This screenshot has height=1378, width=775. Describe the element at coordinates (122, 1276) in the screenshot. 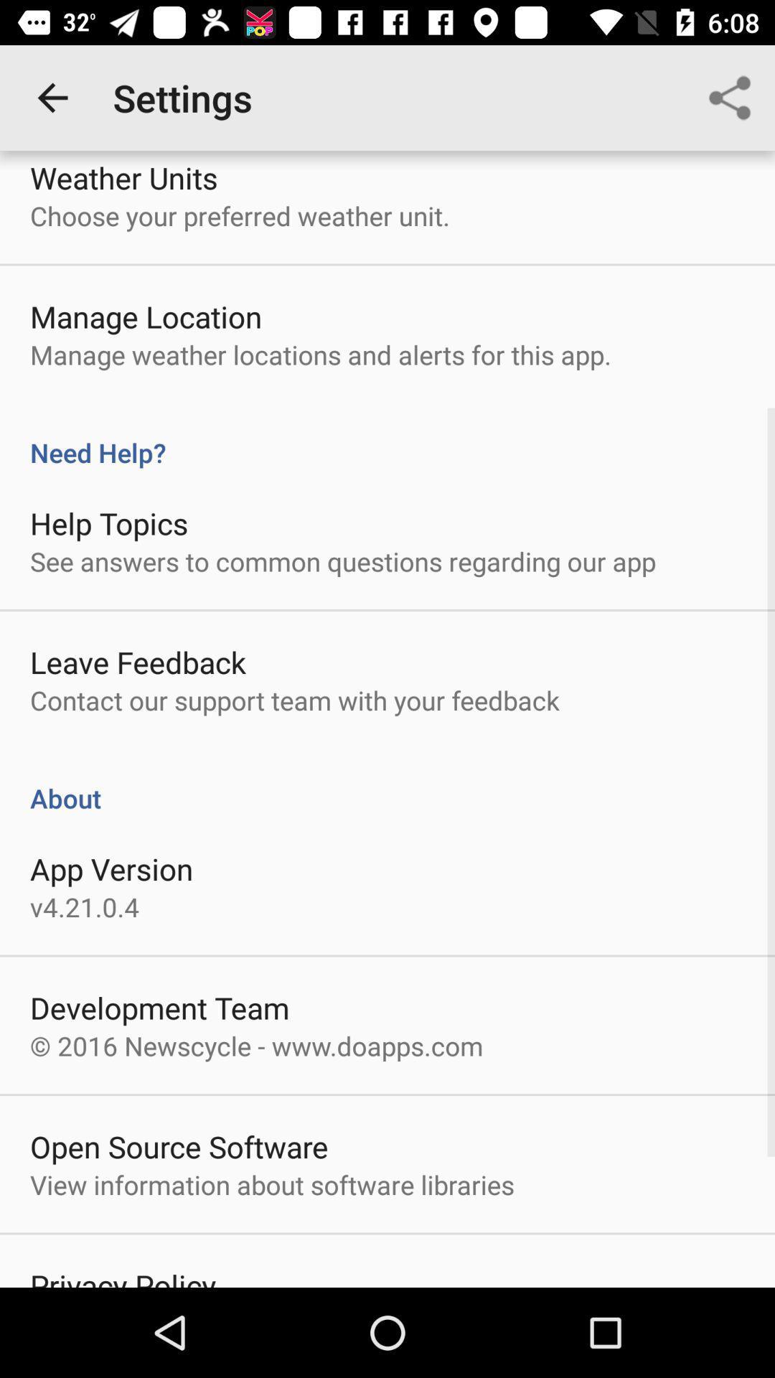

I see `the privacy policy` at that location.